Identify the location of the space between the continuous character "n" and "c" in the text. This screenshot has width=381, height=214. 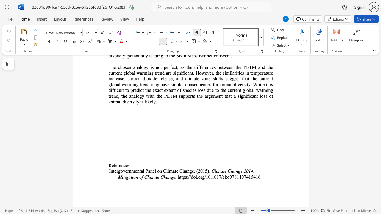
(123, 165).